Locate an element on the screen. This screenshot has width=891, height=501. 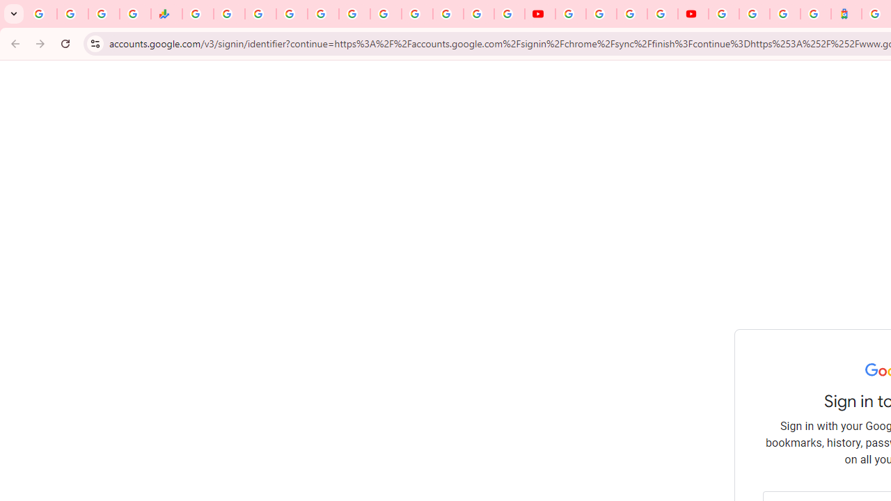
'Atour Hotel - Google hotels' is located at coordinates (846, 14).